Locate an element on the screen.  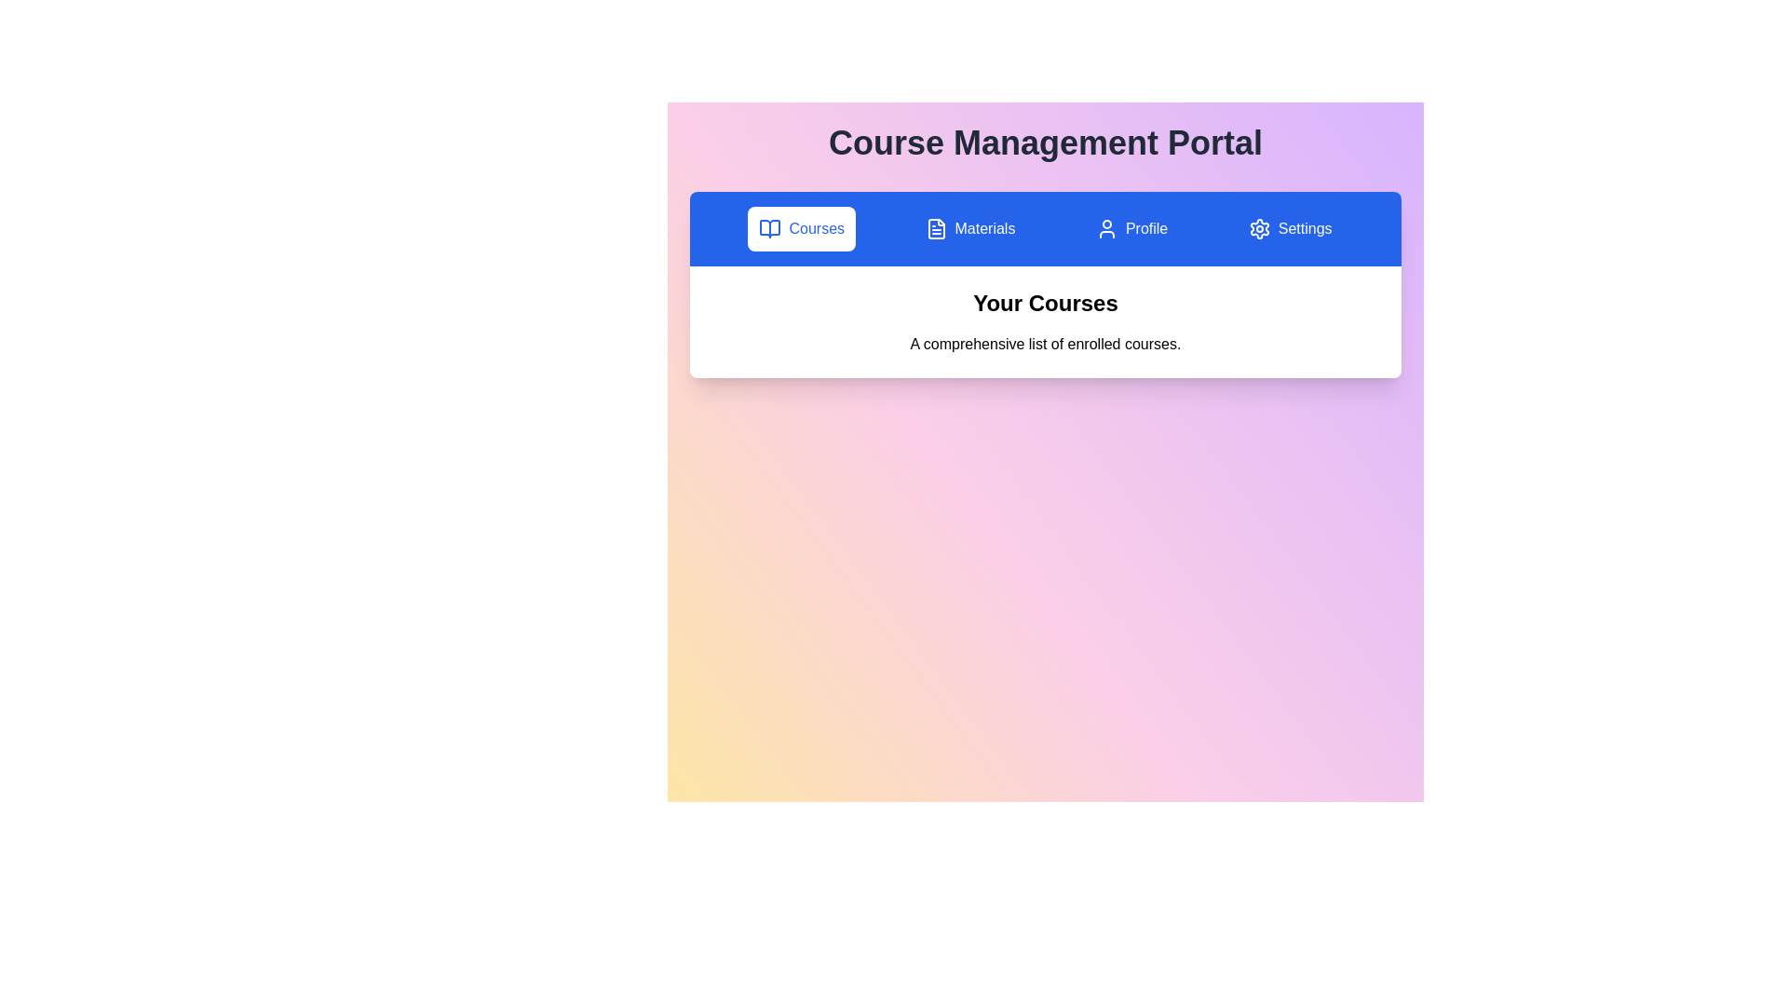
heading 'Course Management Portal' which is a large, bold text block centered at the top of the viewport is located at coordinates (1046, 143).